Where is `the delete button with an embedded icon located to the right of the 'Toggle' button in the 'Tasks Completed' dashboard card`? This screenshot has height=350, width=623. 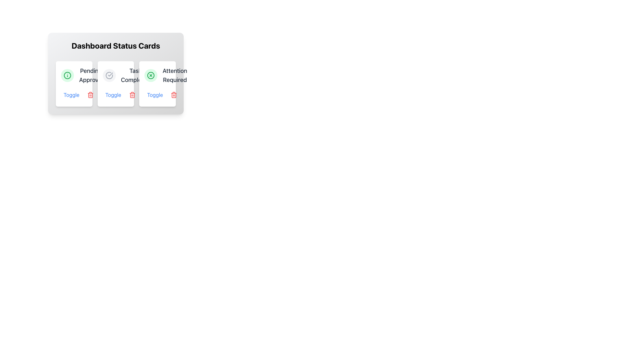
the delete button with an embedded icon located to the right of the 'Toggle' button in the 'Tasks Completed' dashboard card is located at coordinates (132, 95).